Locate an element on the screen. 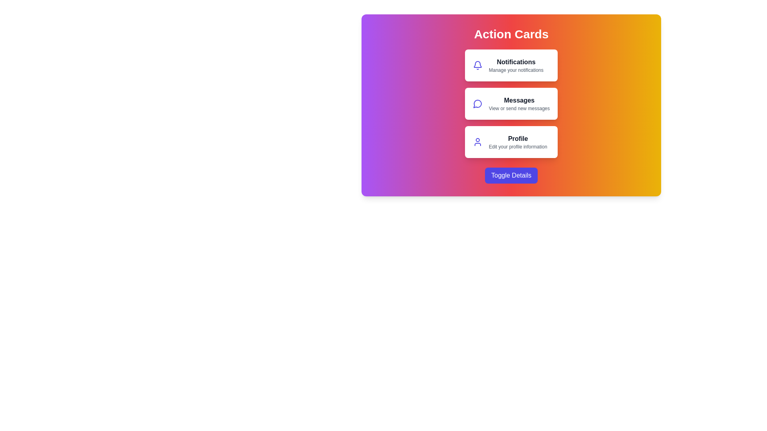 The image size is (767, 431). user profile icon located at the center of the 'Profile' card, situated between the 'Messages' card and the 'Toggle Details' button, using the browser developer tools is located at coordinates (477, 141).